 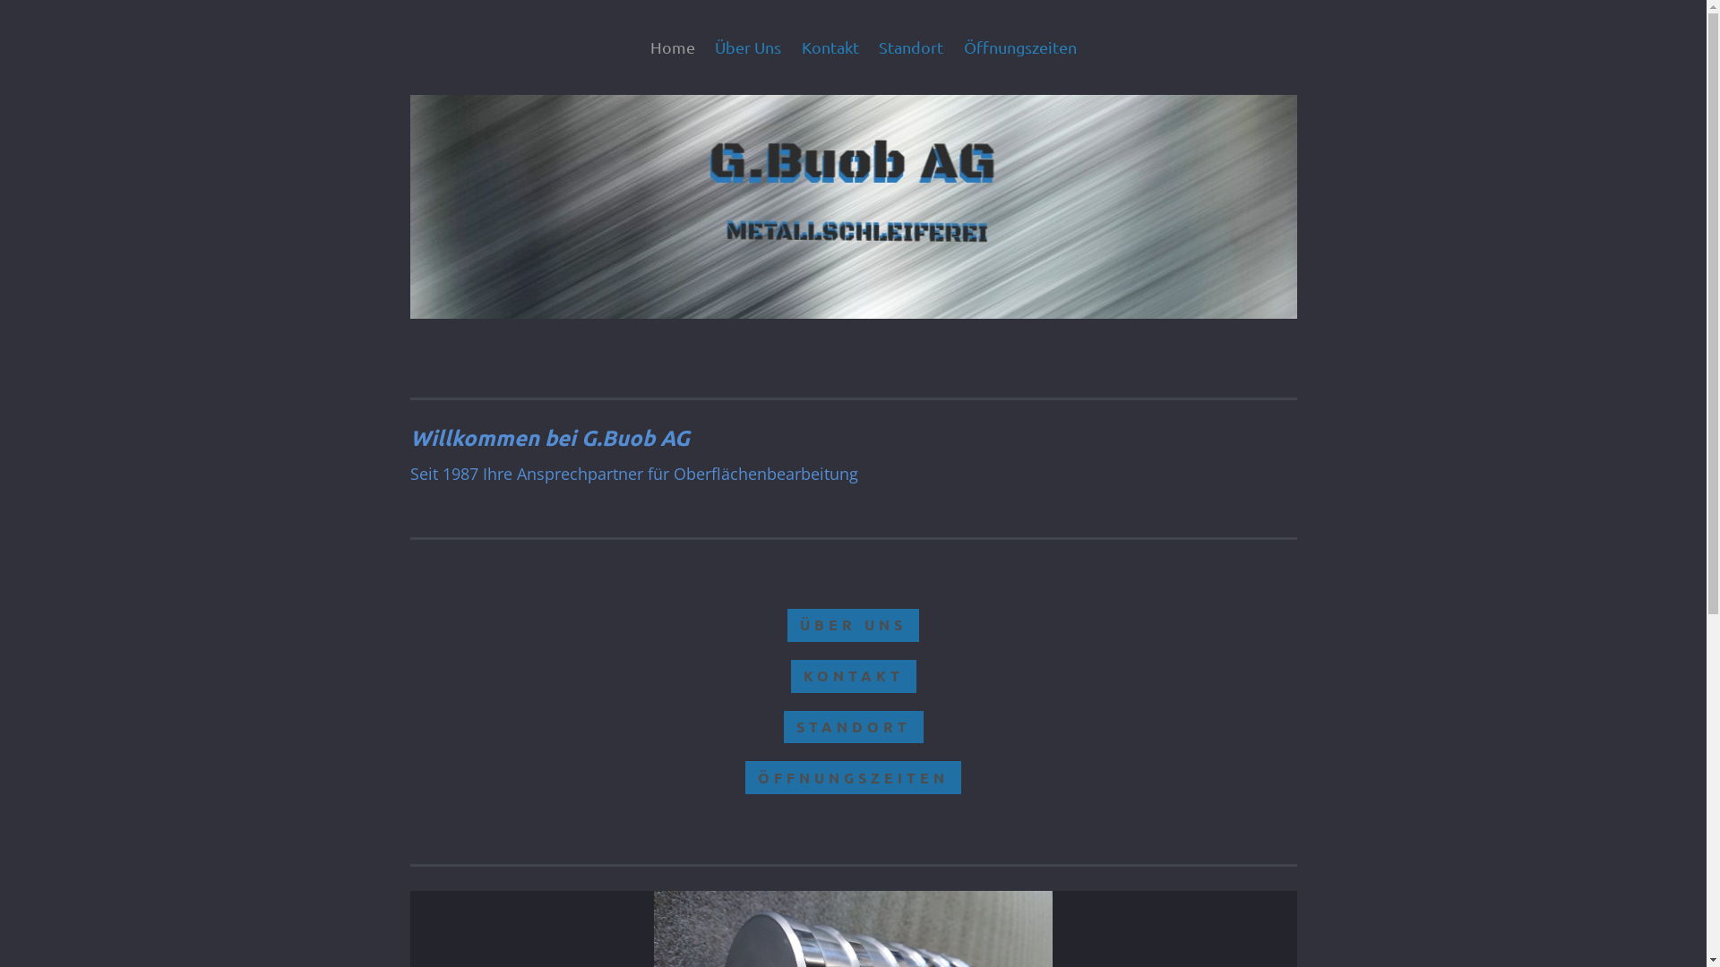 I want to click on 'Home', so click(x=675, y=47).